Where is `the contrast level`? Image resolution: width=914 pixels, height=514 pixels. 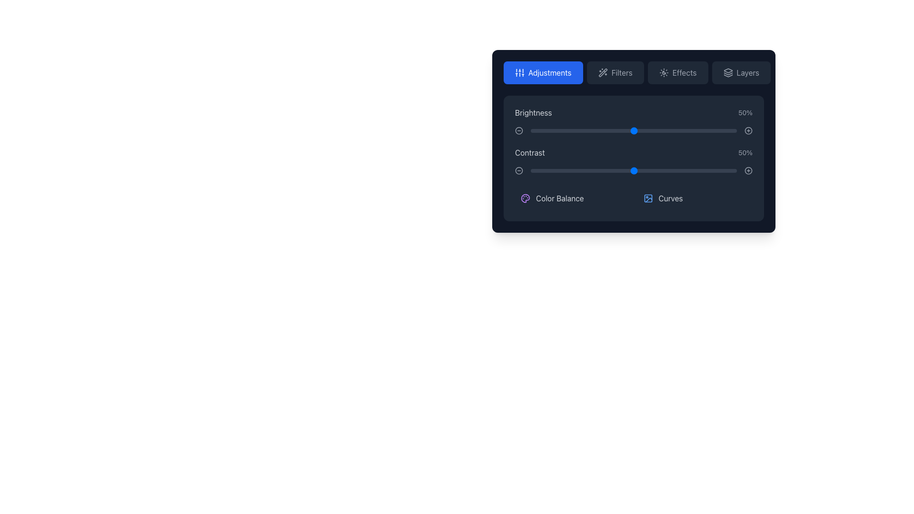
the contrast level is located at coordinates (693, 170).